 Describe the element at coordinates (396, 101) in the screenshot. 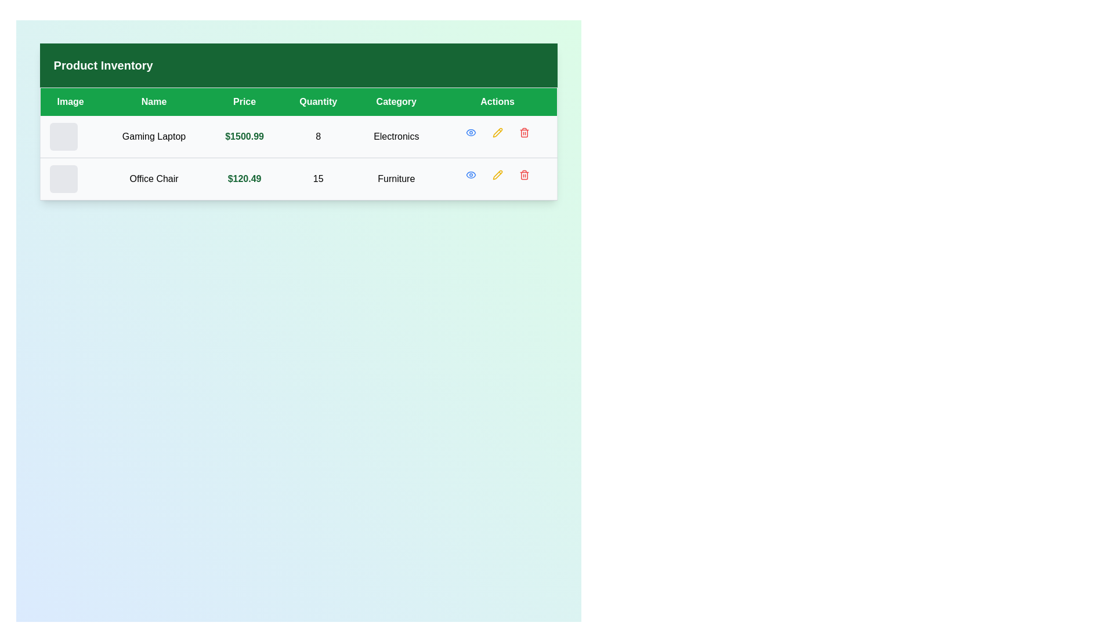

I see `the TableHeader labeled 'Category', which has a green background and white text, positioned between 'Quantity' and 'Actions' in the header row of the Product Inventory table` at that location.